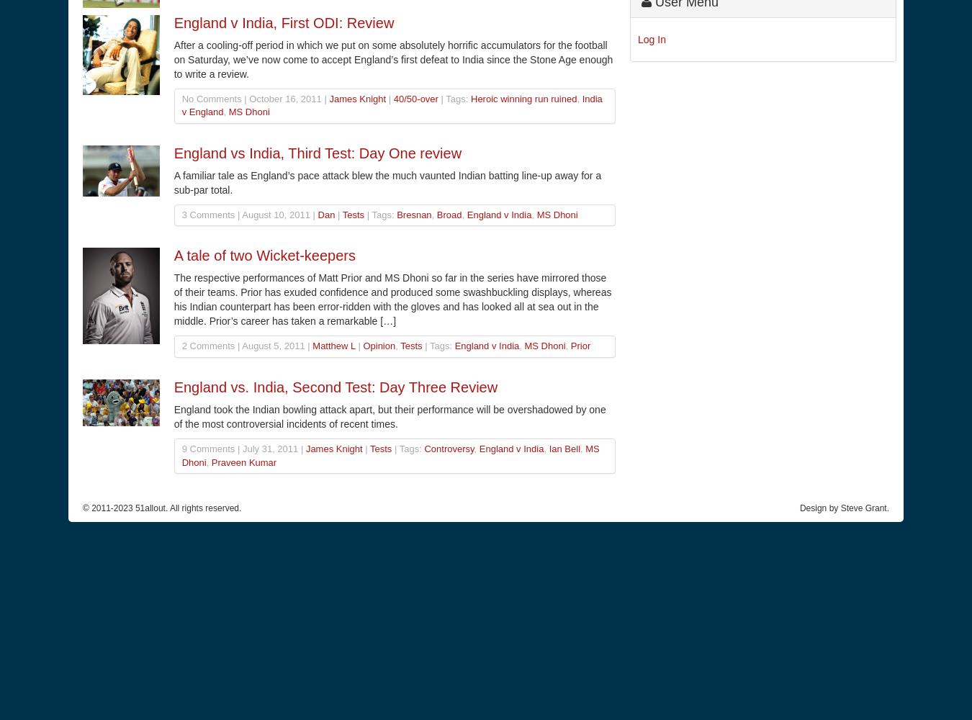 This screenshot has width=972, height=720. I want to click on 'After a cooling-off period in which we put on some absolutely horrific accumulators for the football on Saturday, we’ve now come to accept England’s first defeat to India since the Stone Age enough to write a review.', so click(392, 58).